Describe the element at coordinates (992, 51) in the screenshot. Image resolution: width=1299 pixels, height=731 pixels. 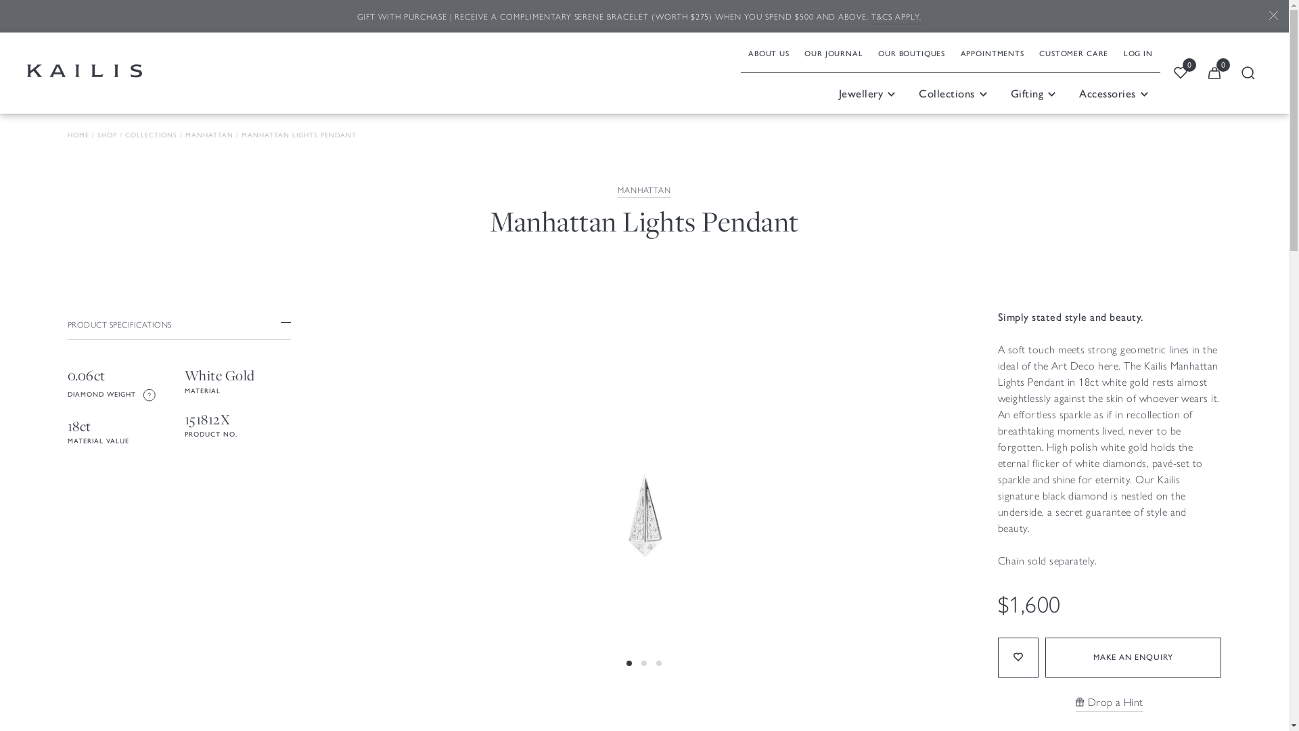
I see `'APPOINTMENTS'` at that location.